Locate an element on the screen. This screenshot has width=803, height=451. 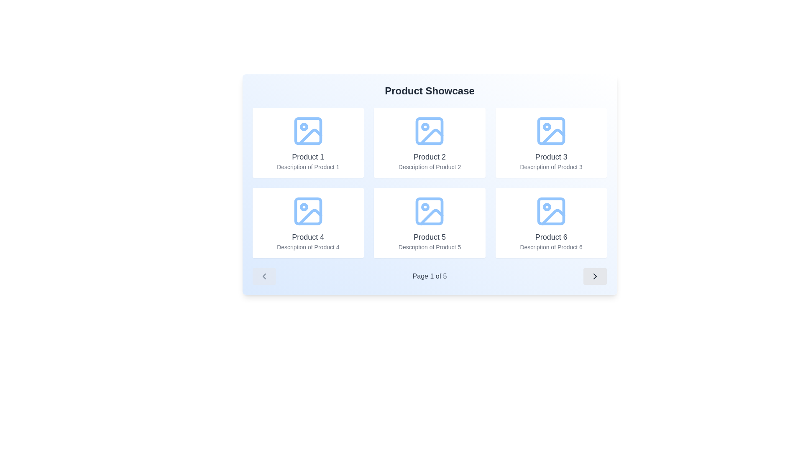
text content of the label identifying the associated product in the third card of the top row in the grid layout is located at coordinates (551, 157).